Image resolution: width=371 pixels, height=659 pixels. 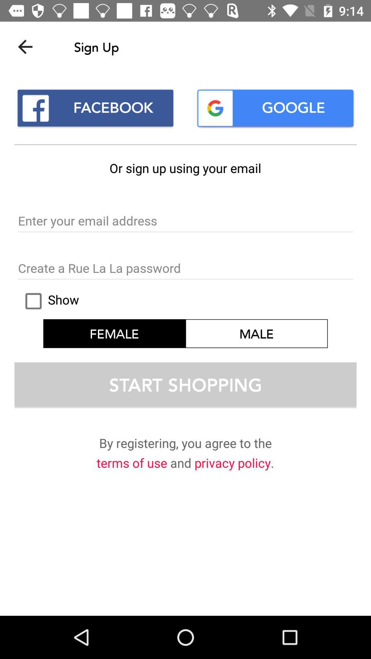 I want to click on icon next to male item, so click(x=48, y=301).